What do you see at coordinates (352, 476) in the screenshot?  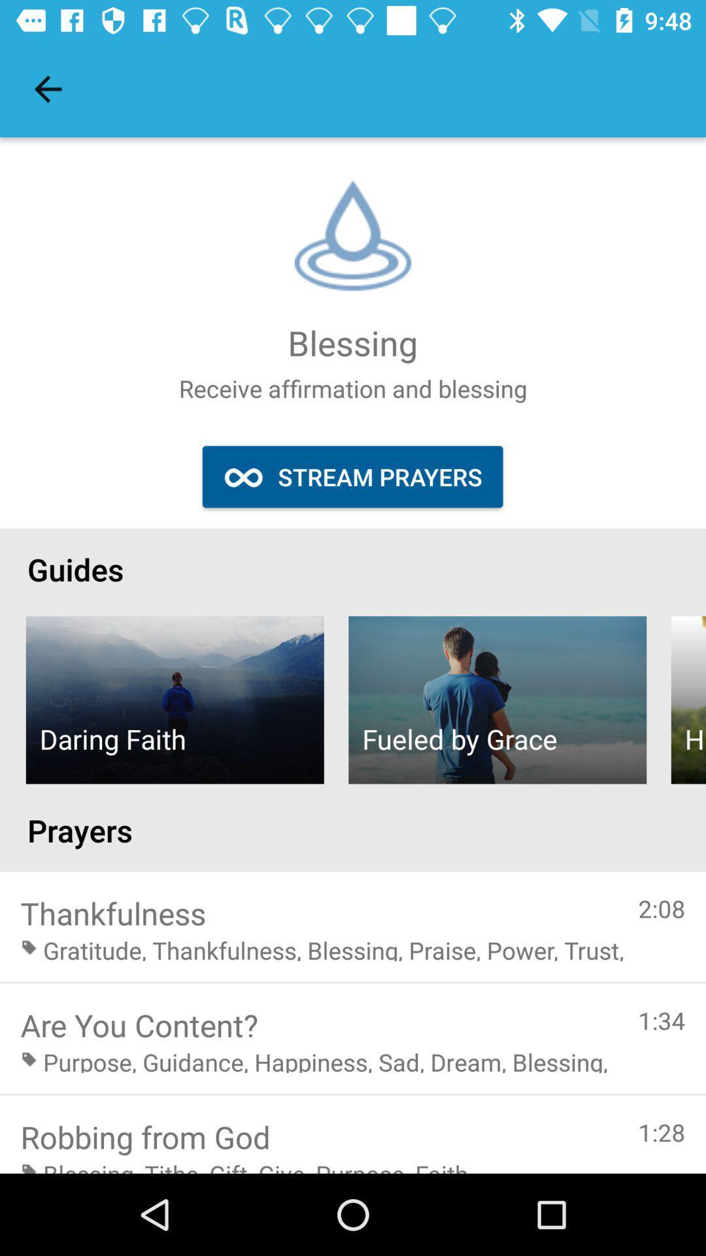 I see `the stream prayers icon` at bounding box center [352, 476].